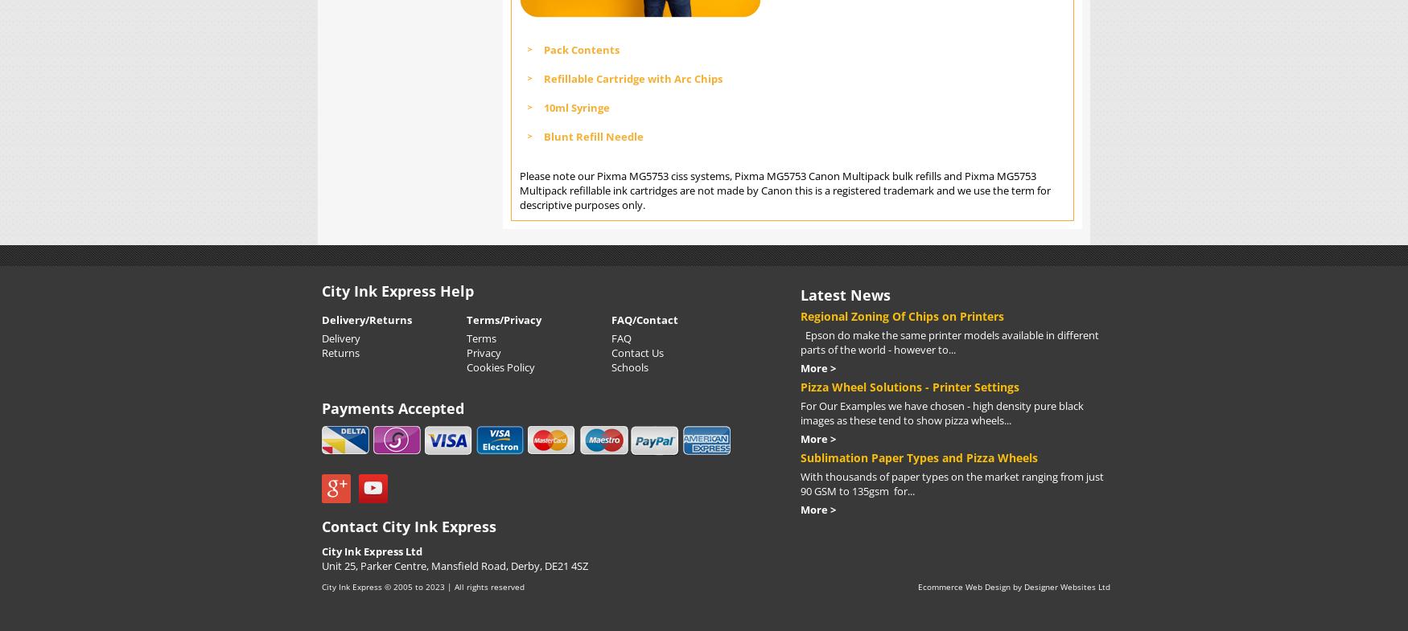 The width and height of the screenshot is (1408, 631). I want to click on 'With thousands of paper types on the market ranging from just 90 GSM to 135gsm  for...', so click(951, 482).